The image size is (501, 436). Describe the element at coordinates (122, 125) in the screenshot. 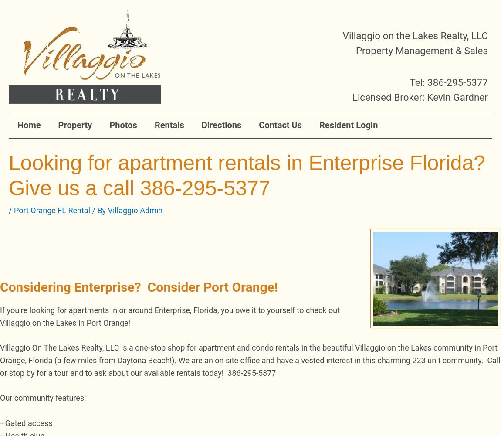

I see `'Photos'` at that location.